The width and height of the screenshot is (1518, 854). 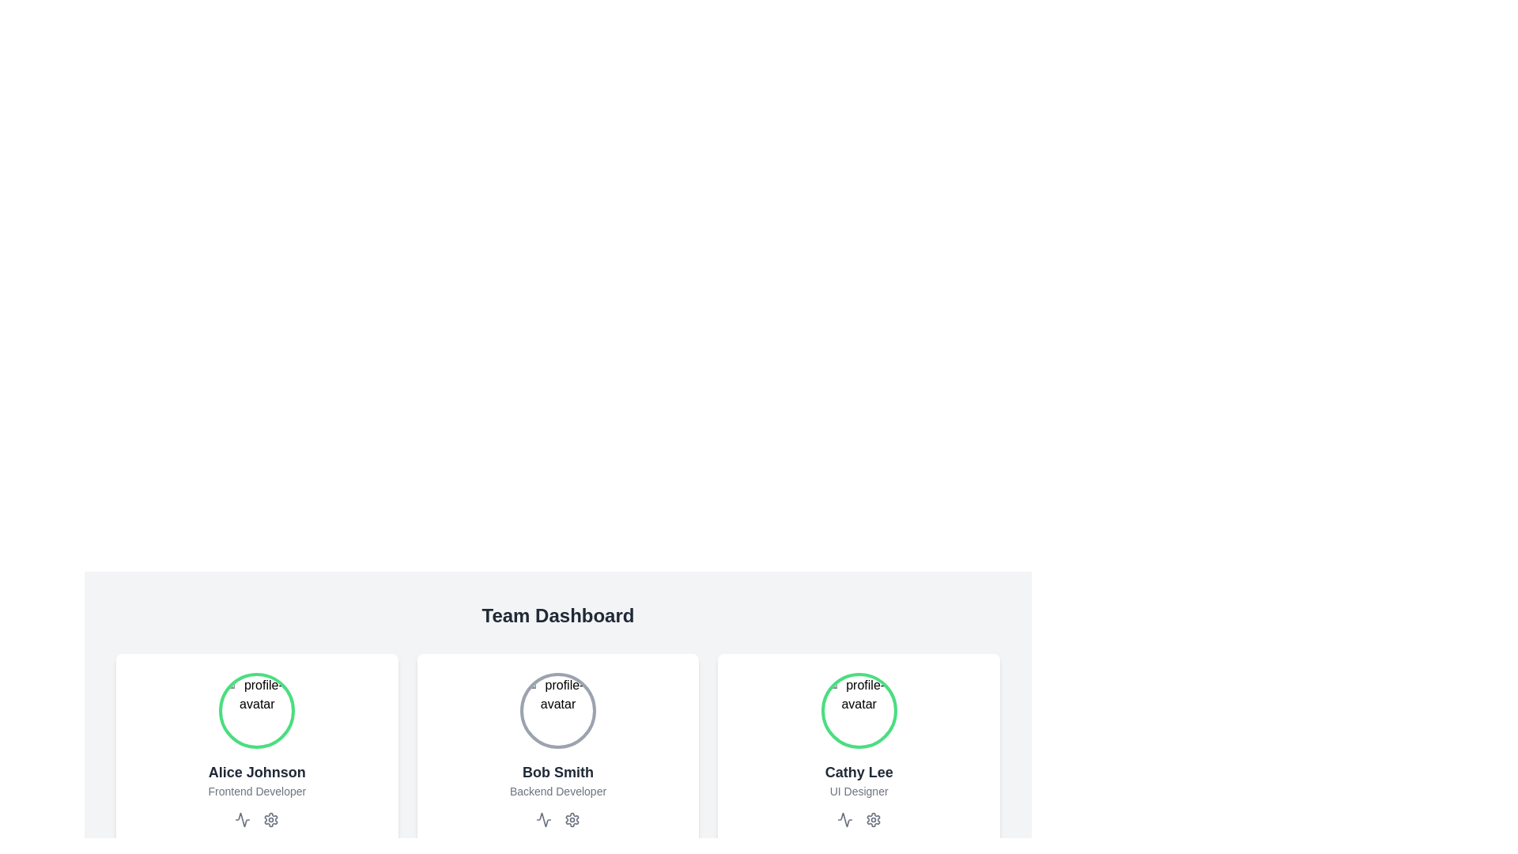 What do you see at coordinates (858, 709) in the screenshot?
I see `the profile avatar image of user 'Cathy Lee', which is located at the top-center of her card, directly above her name and designation` at bounding box center [858, 709].